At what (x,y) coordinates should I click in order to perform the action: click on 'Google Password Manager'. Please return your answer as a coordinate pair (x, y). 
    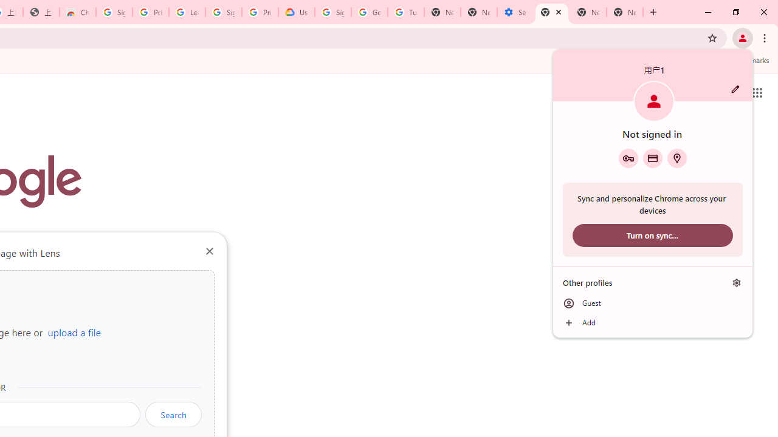
    Looking at the image, I should click on (628, 158).